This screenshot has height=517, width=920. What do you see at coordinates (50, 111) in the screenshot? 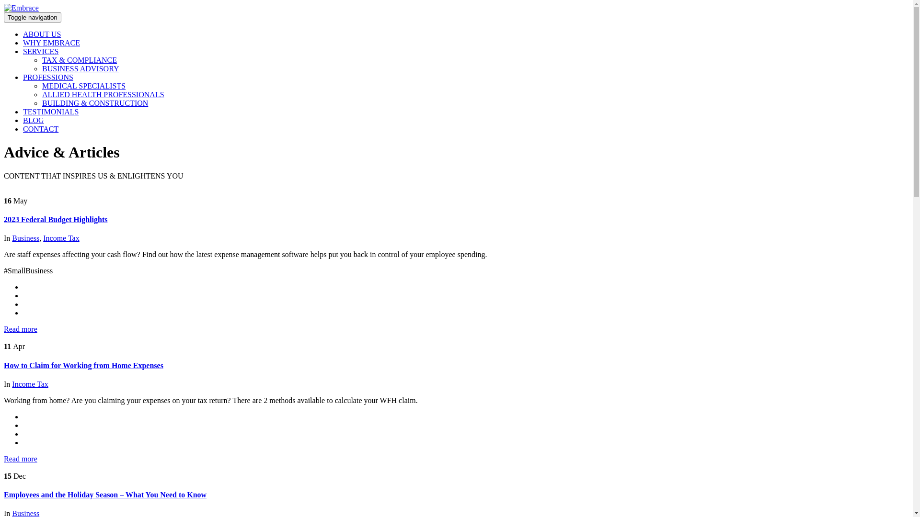
I see `'TESTIMONIALS'` at bounding box center [50, 111].